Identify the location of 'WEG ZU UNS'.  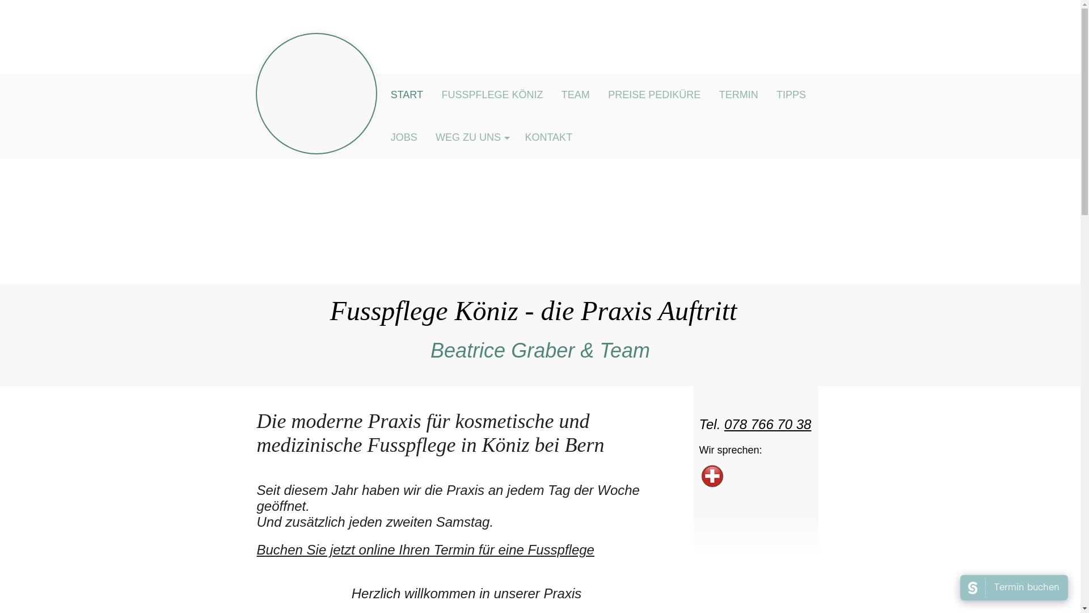
(471, 137).